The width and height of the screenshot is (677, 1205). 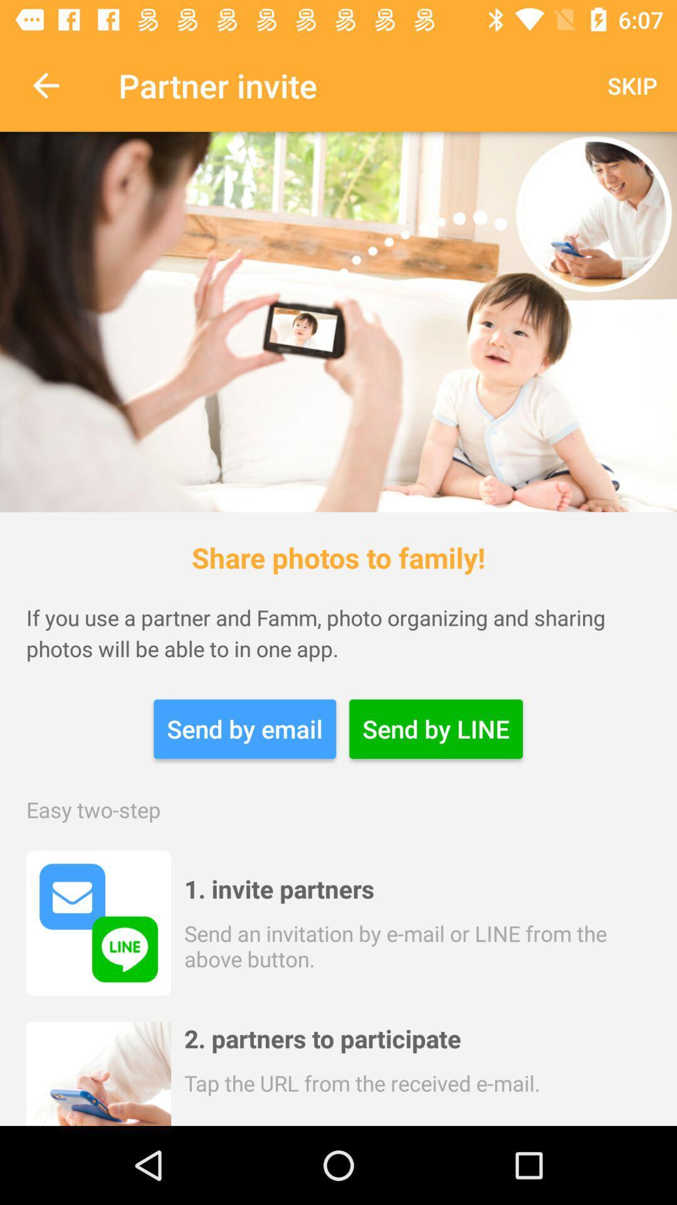 What do you see at coordinates (632, 85) in the screenshot?
I see `icon at the top right corner` at bounding box center [632, 85].